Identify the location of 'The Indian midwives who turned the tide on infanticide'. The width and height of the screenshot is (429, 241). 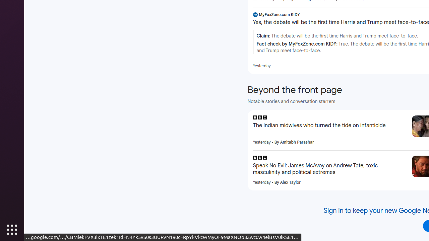
(329, 125).